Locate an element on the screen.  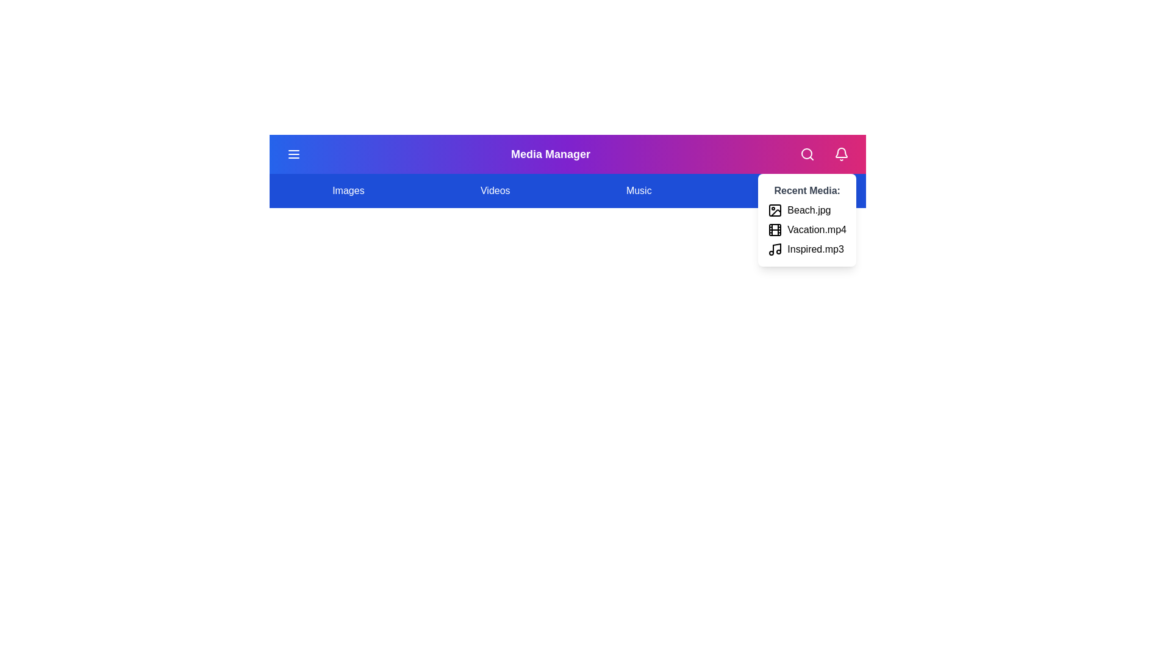
the bell icon to toggle the notification panel is located at coordinates (840, 154).